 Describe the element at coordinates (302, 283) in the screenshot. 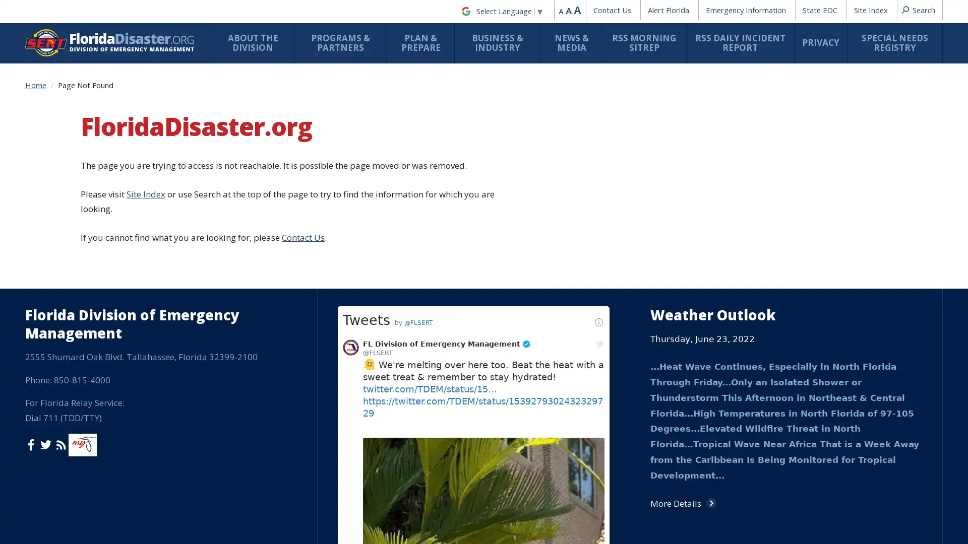

I see `Toggle More` at that location.